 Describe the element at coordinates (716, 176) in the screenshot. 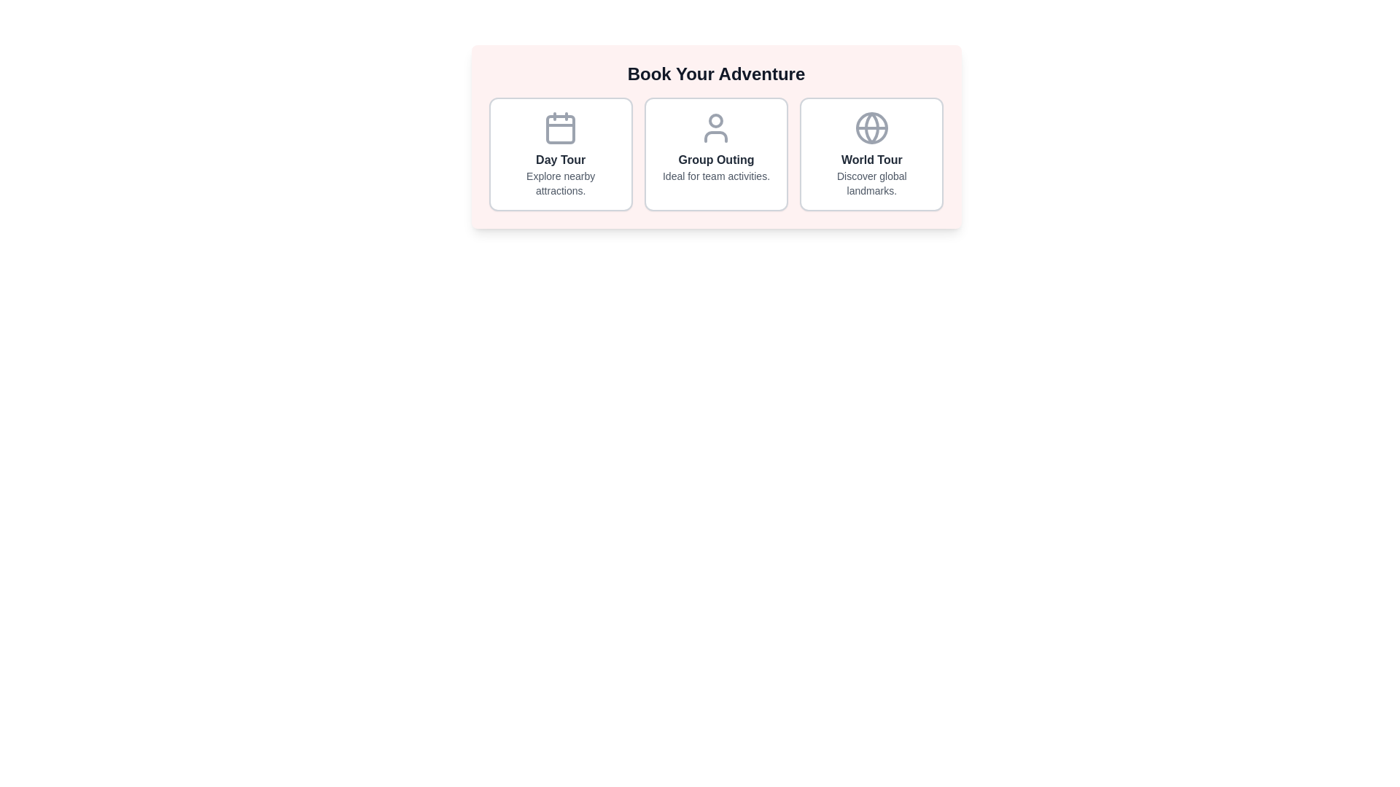

I see `the text label that provides additional descriptive information about the 'Group Outing' option, located beneath the title 'Group Outing' in the middle column` at that location.